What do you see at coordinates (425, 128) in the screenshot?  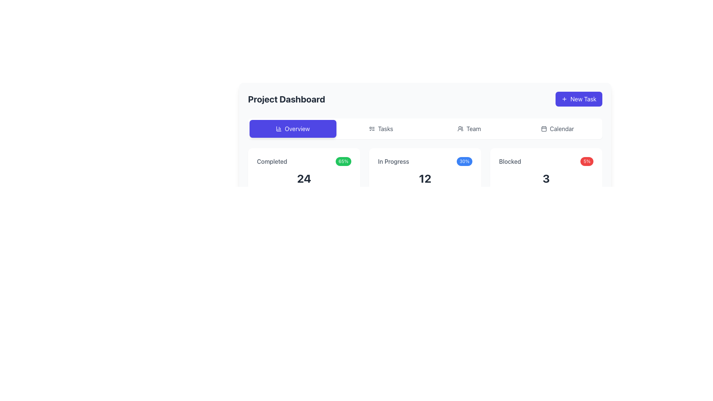 I see `the Navigation bar item` at bounding box center [425, 128].